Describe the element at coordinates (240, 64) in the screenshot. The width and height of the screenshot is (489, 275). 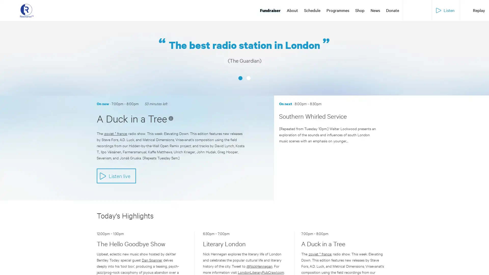
I see `1` at that location.